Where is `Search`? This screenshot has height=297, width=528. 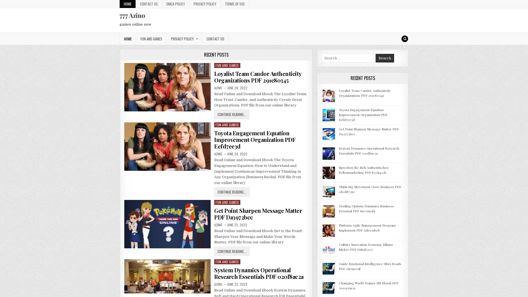
Search is located at coordinates (384, 58).